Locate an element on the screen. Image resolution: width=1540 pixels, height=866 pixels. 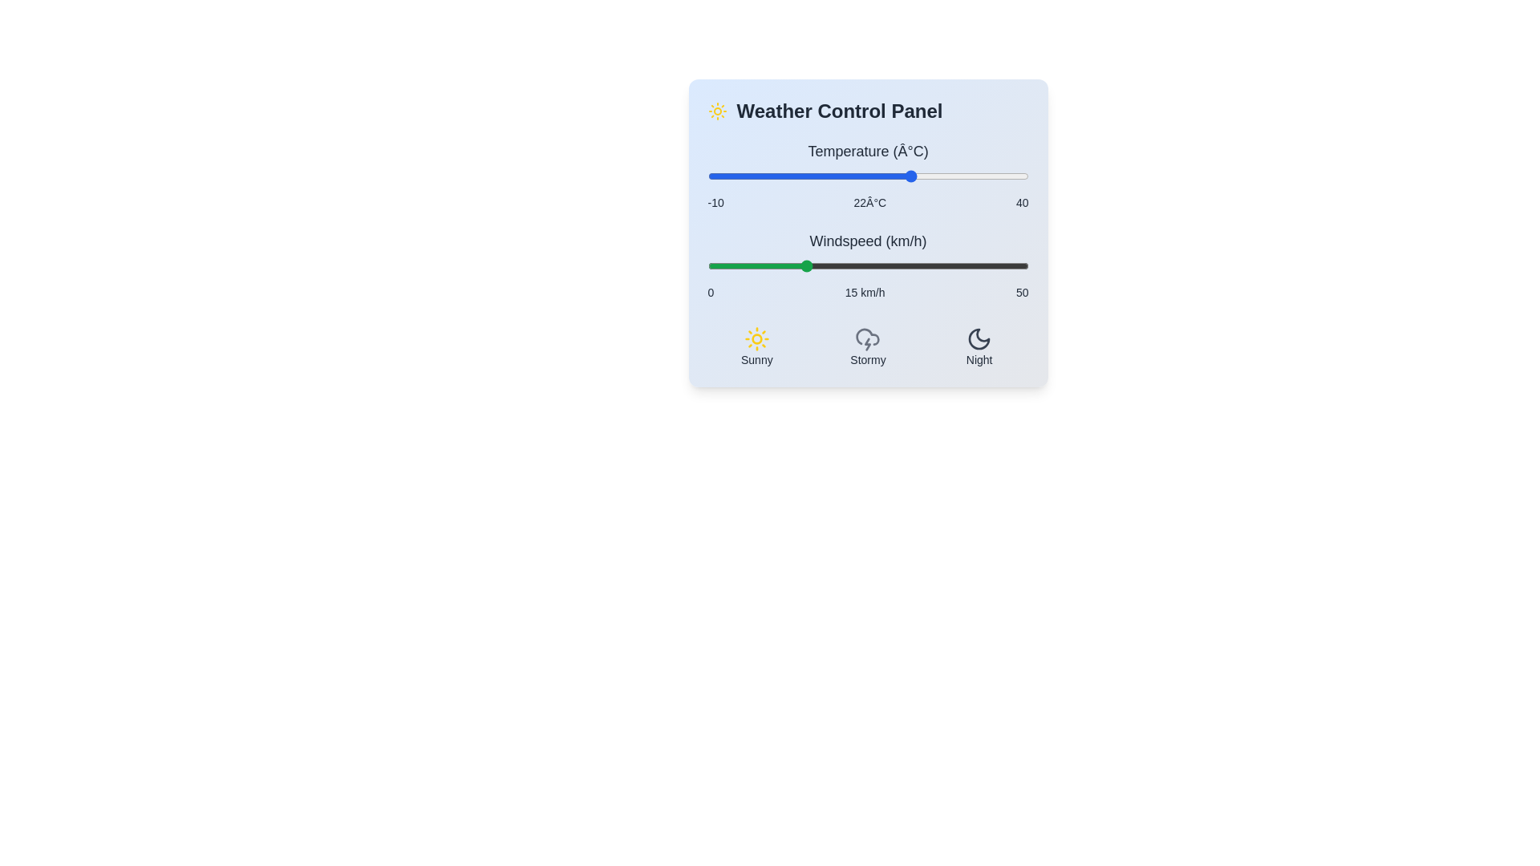
the 'Stormy' weather icon located in the bottom row of three weather icons within the 'Weather Control Panel' is located at coordinates (867, 336).